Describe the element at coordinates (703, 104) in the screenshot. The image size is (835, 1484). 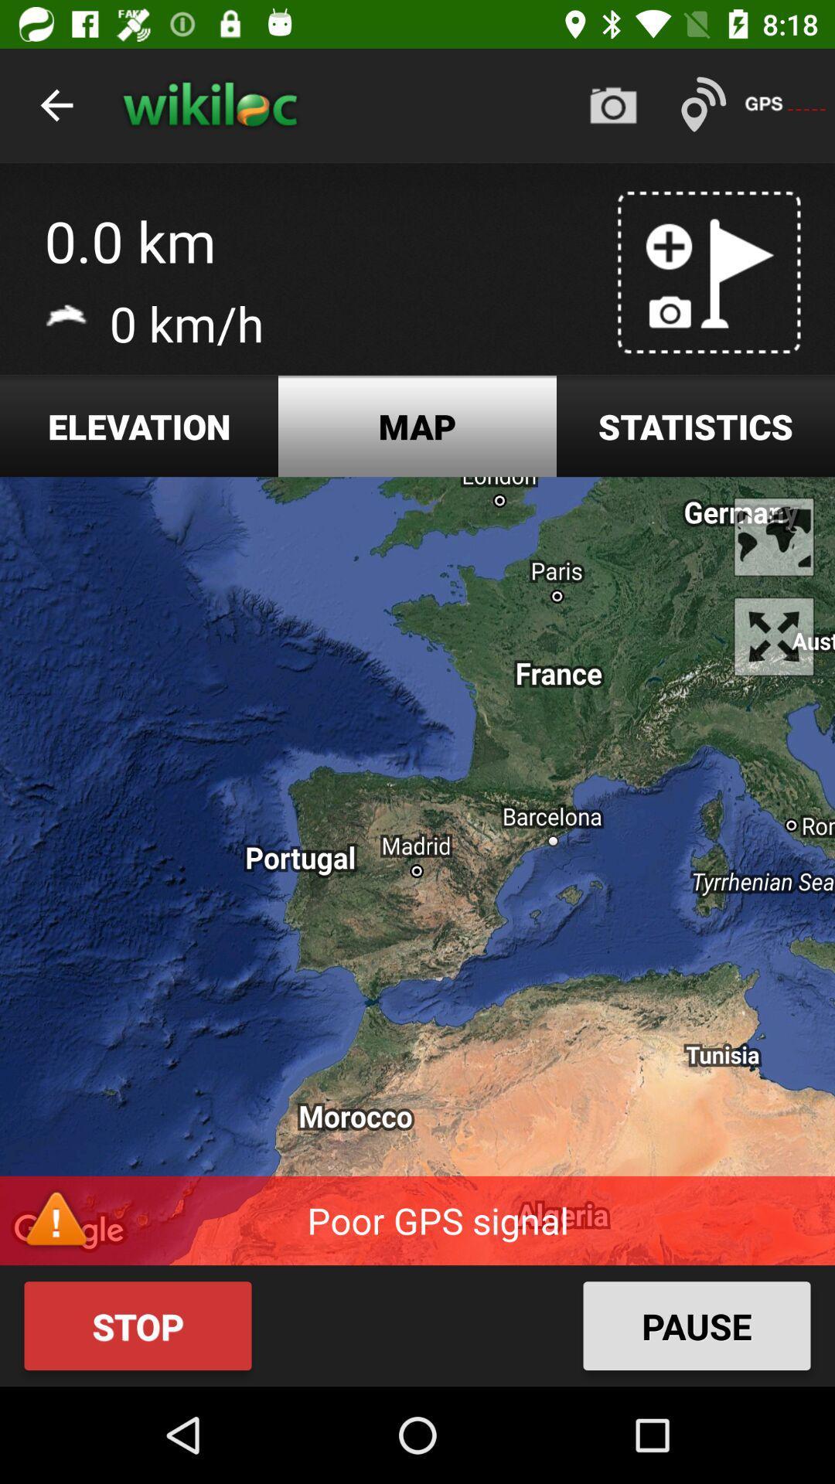
I see `the text left to gps` at that location.